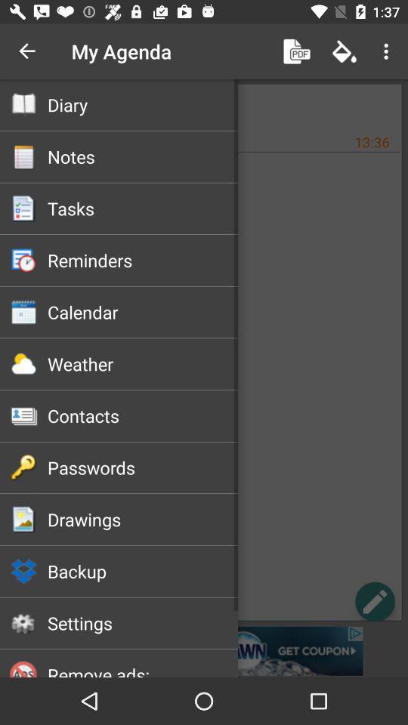  Describe the element at coordinates (374, 601) in the screenshot. I see `the edit icon` at that location.